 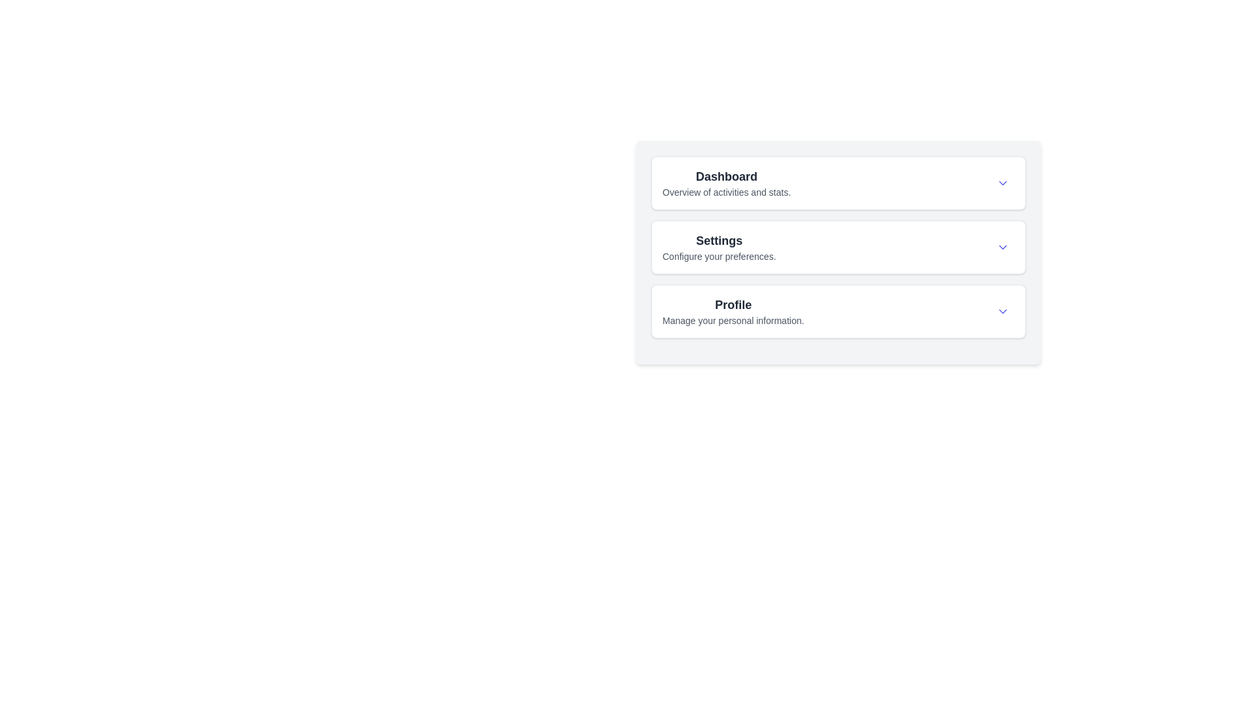 What do you see at coordinates (718, 247) in the screenshot?
I see `the 'Settings' text display for keyboard navigation` at bounding box center [718, 247].